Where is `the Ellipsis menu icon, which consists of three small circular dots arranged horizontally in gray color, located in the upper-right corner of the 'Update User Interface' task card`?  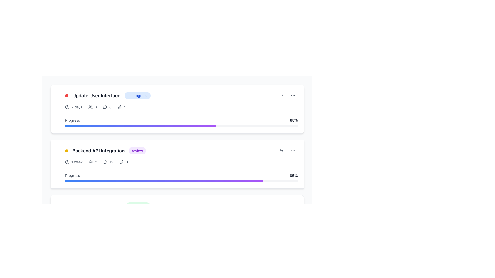
the Ellipsis menu icon, which consists of three small circular dots arranged horizontally in gray color, located in the upper-right corner of the 'Update User Interface' task card is located at coordinates (293, 95).